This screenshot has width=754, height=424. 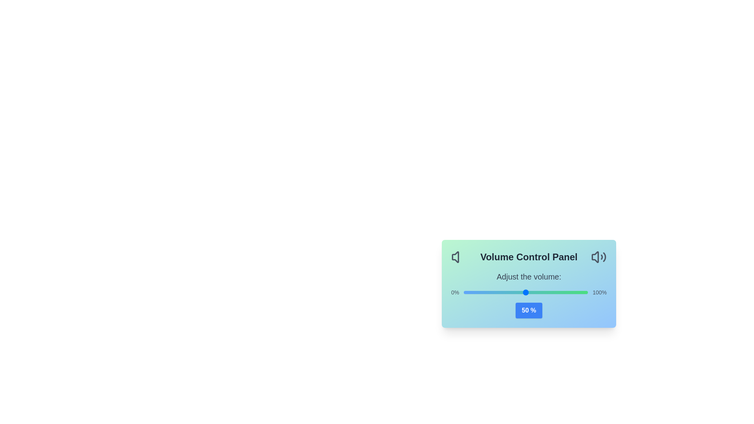 I want to click on the volume slider to 76%, so click(x=558, y=292).